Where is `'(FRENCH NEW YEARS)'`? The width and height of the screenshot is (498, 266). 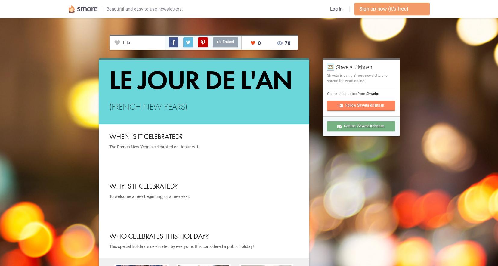
'(FRENCH NEW YEARS)' is located at coordinates (148, 107).